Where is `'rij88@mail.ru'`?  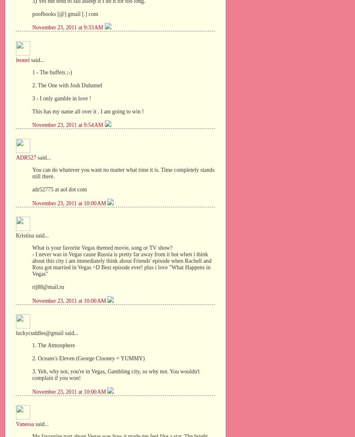
'rij88@mail.ru' is located at coordinates (47, 286).